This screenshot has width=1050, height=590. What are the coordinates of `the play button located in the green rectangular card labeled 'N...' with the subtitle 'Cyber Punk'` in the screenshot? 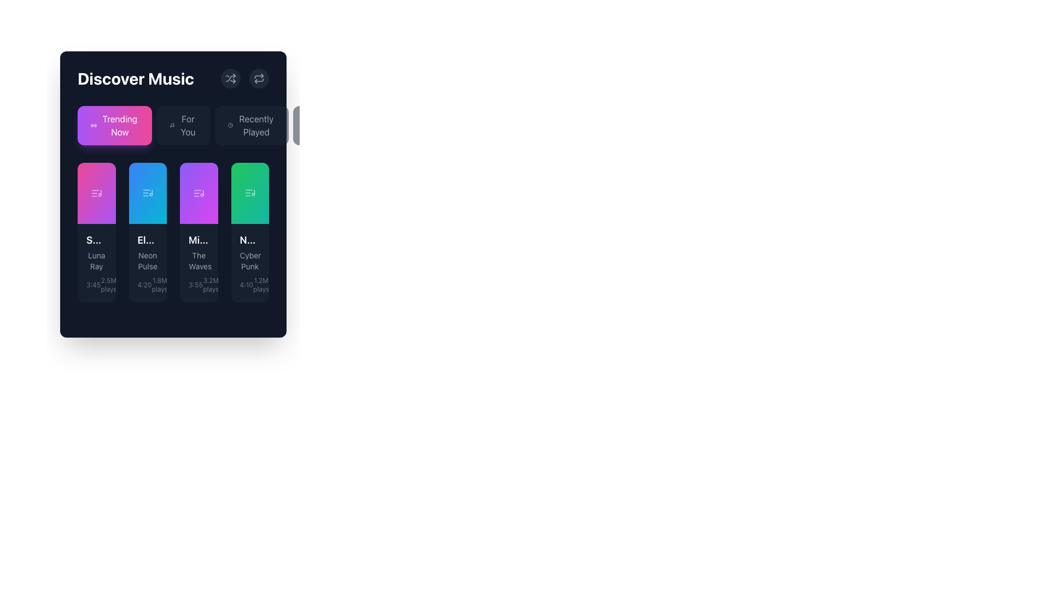 It's located at (249, 193).